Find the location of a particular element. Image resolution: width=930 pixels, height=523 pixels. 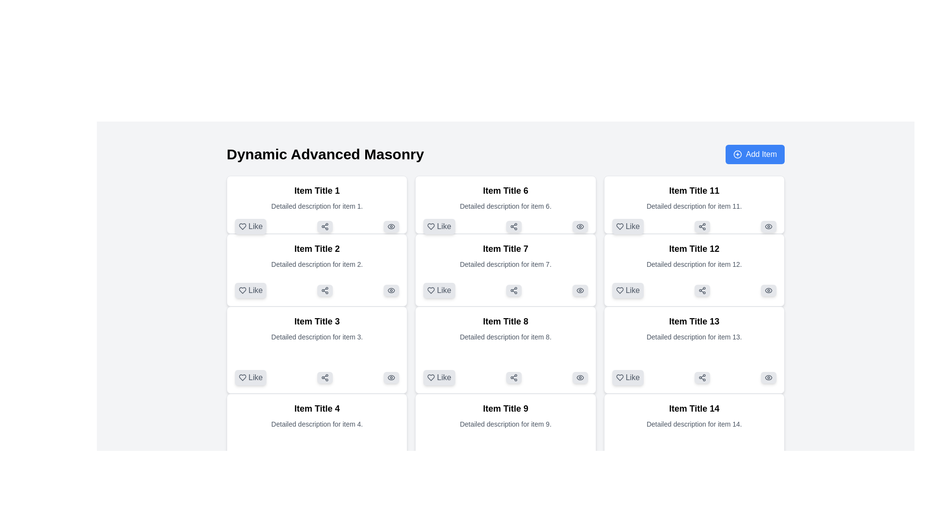

the 'Like' button, which is a gray button with a heart icon located in the bottom-left corner of 'Item Title 8' is located at coordinates (439, 377).